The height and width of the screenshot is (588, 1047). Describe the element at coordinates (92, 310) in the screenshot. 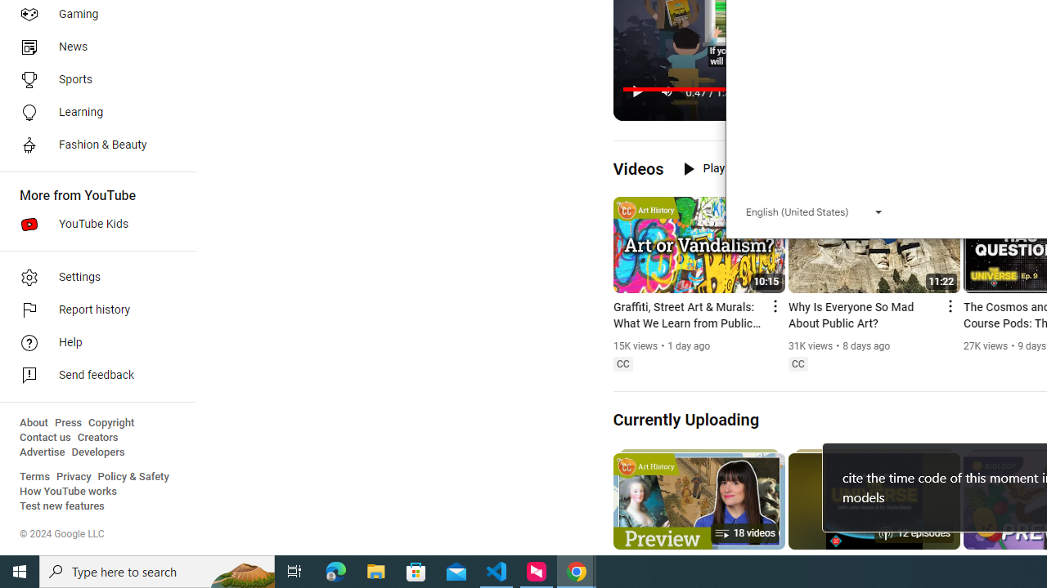

I see `'Report history'` at that location.